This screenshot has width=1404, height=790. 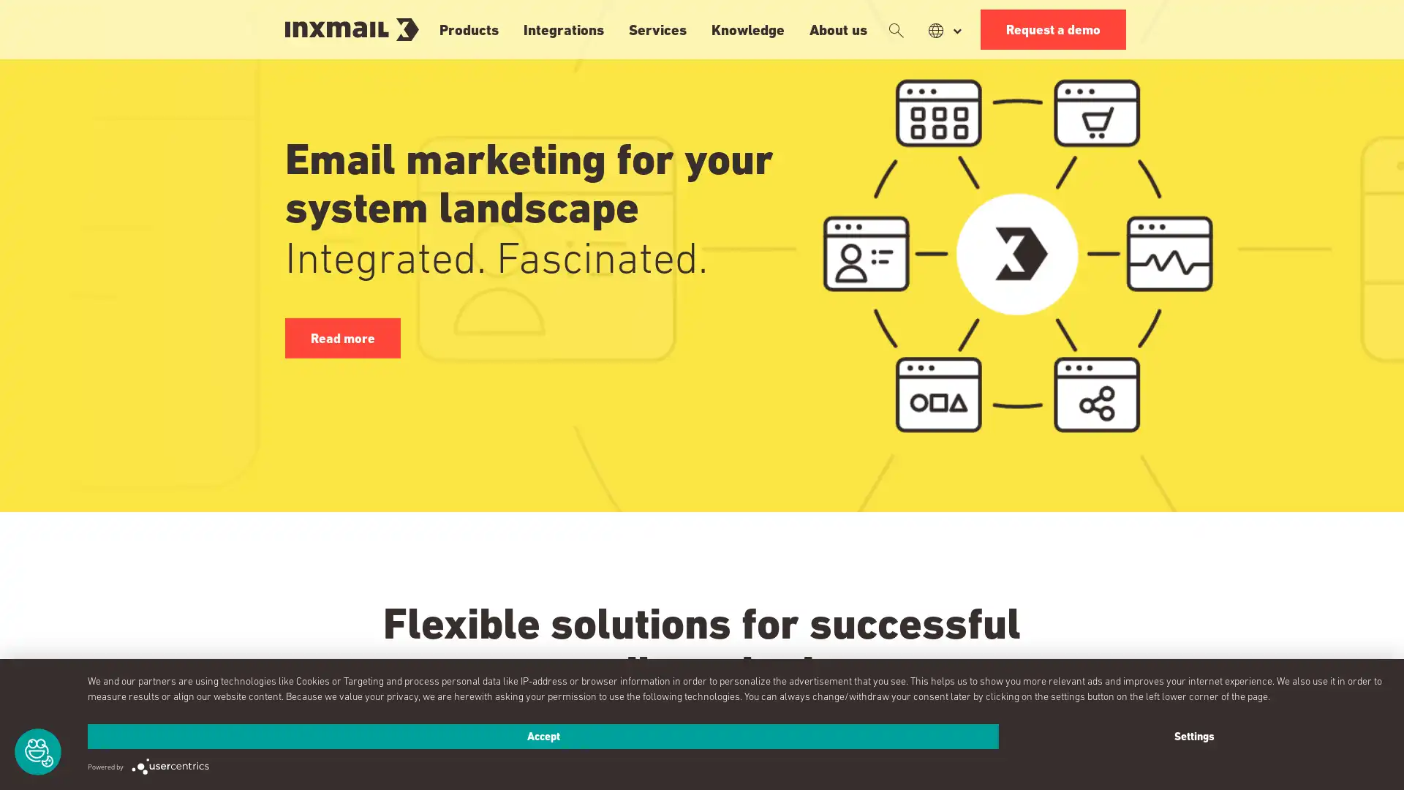 What do you see at coordinates (543, 736) in the screenshot?
I see `Accept` at bounding box center [543, 736].